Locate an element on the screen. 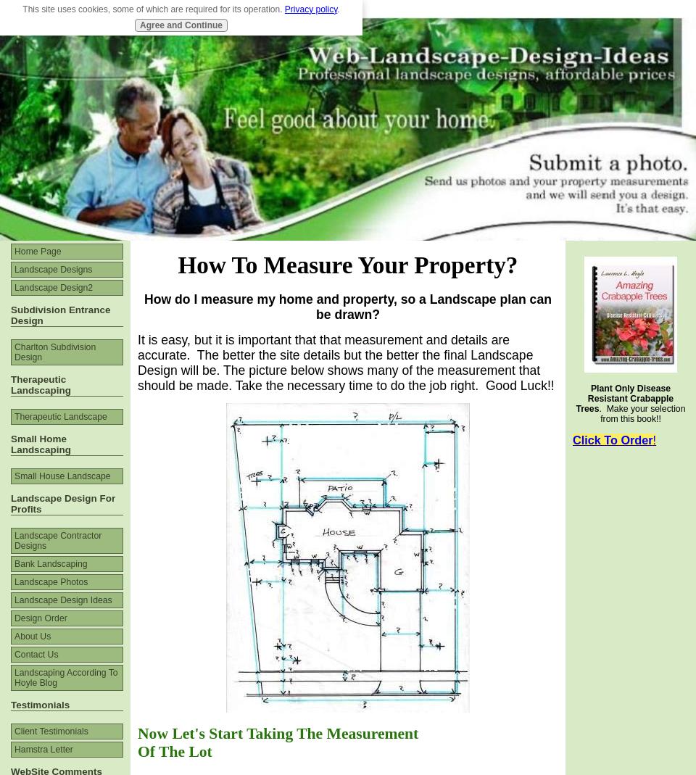  'Click To Order' is located at coordinates (611, 439).